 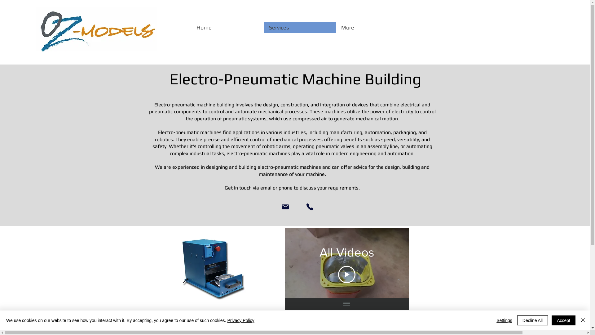 I want to click on 'Services', so click(x=300, y=27).